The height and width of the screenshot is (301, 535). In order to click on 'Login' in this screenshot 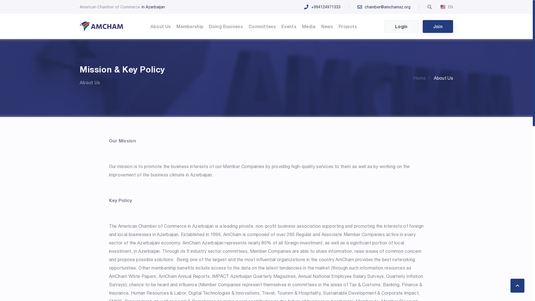, I will do `click(384, 26)`.